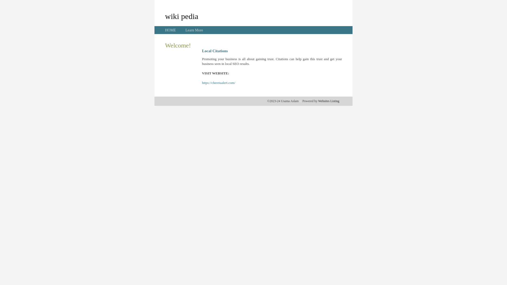 This screenshot has height=285, width=507. What do you see at coordinates (201, 83) in the screenshot?
I see `'https://cheretaalert.com/'` at bounding box center [201, 83].